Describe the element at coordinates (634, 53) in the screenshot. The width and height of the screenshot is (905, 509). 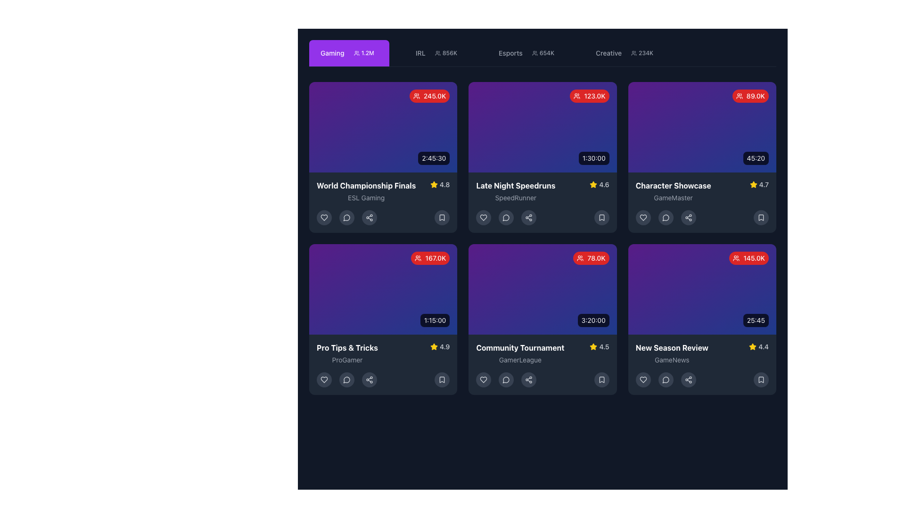
I see `the community icon representing the count or presence of a user group associated with the 'Creative' category, located in the top navigation bar near the 'Creative 234K' text` at that location.